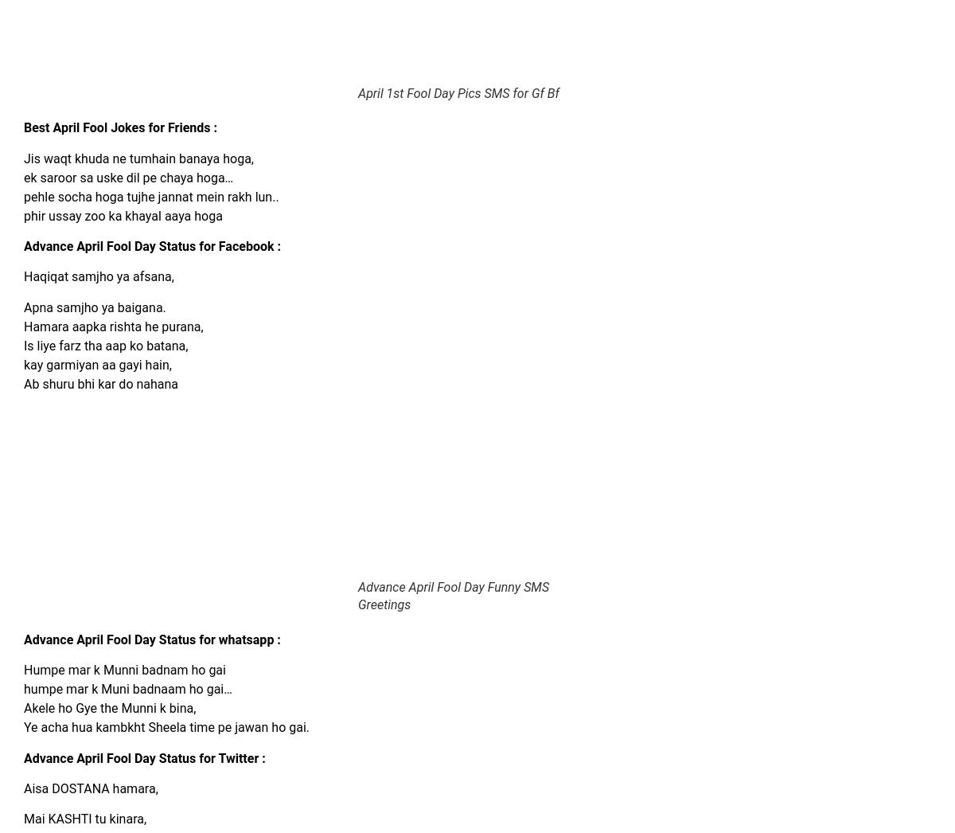 The image size is (955, 833). Describe the element at coordinates (127, 176) in the screenshot. I see `'ek saroor sa uske dil pe chaya hoga…'` at that location.